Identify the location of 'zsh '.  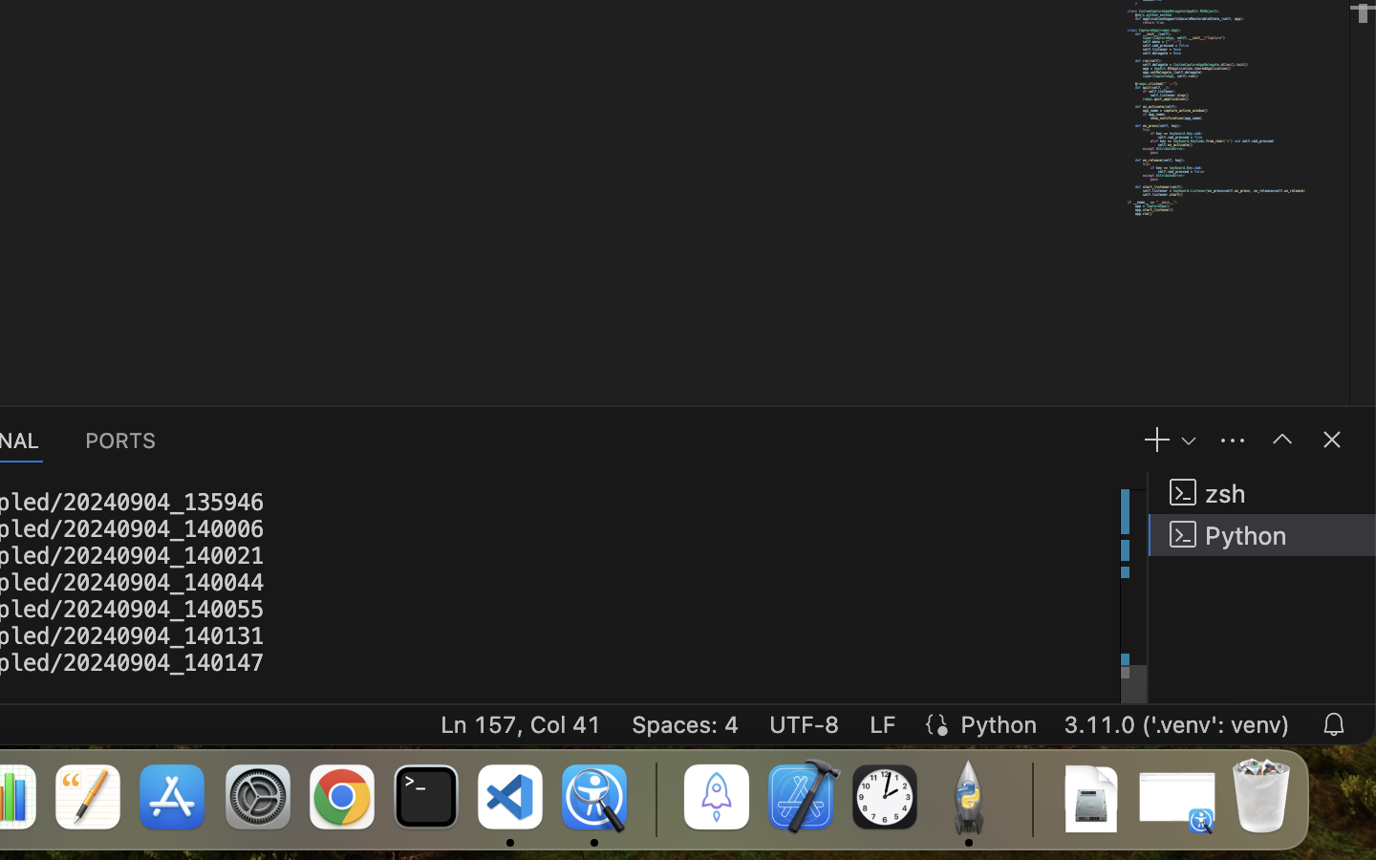
(1261, 491).